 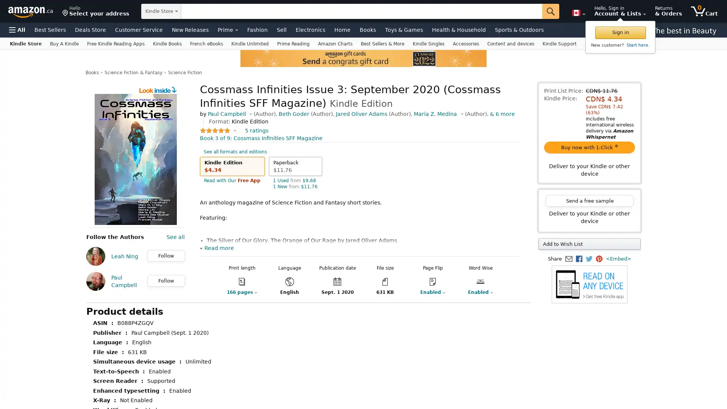 What do you see at coordinates (527, 292) in the screenshot?
I see `Enabled` at bounding box center [527, 292].